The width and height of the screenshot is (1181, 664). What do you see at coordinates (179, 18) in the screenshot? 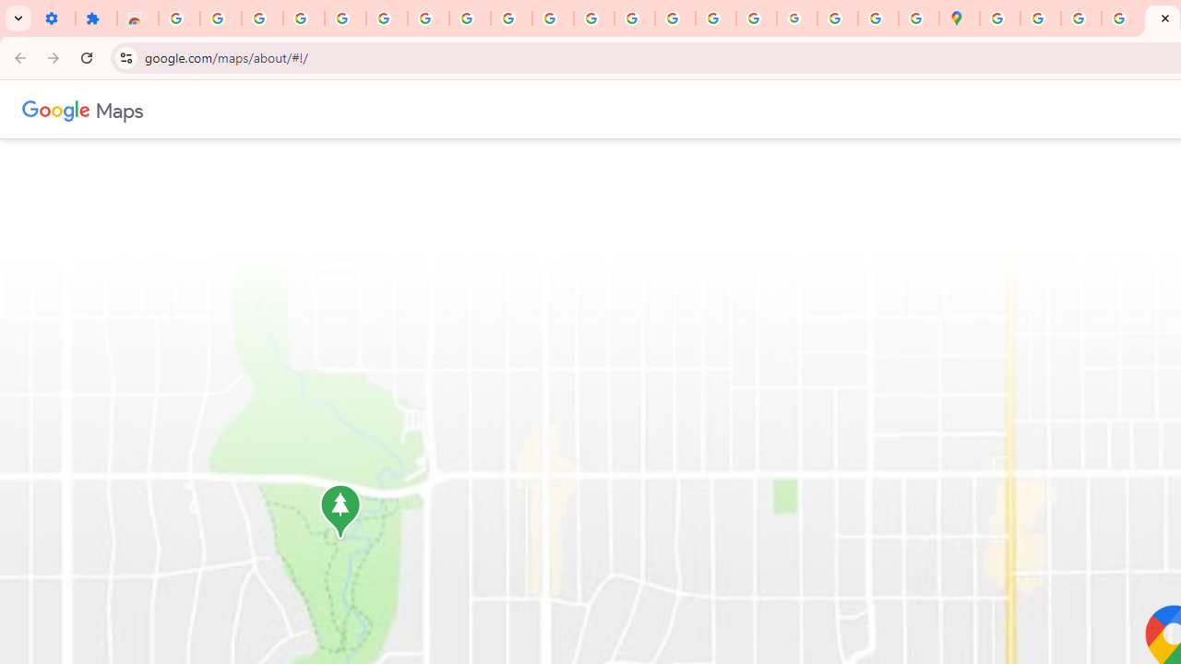
I see `'Sign in - Google Accounts'` at bounding box center [179, 18].